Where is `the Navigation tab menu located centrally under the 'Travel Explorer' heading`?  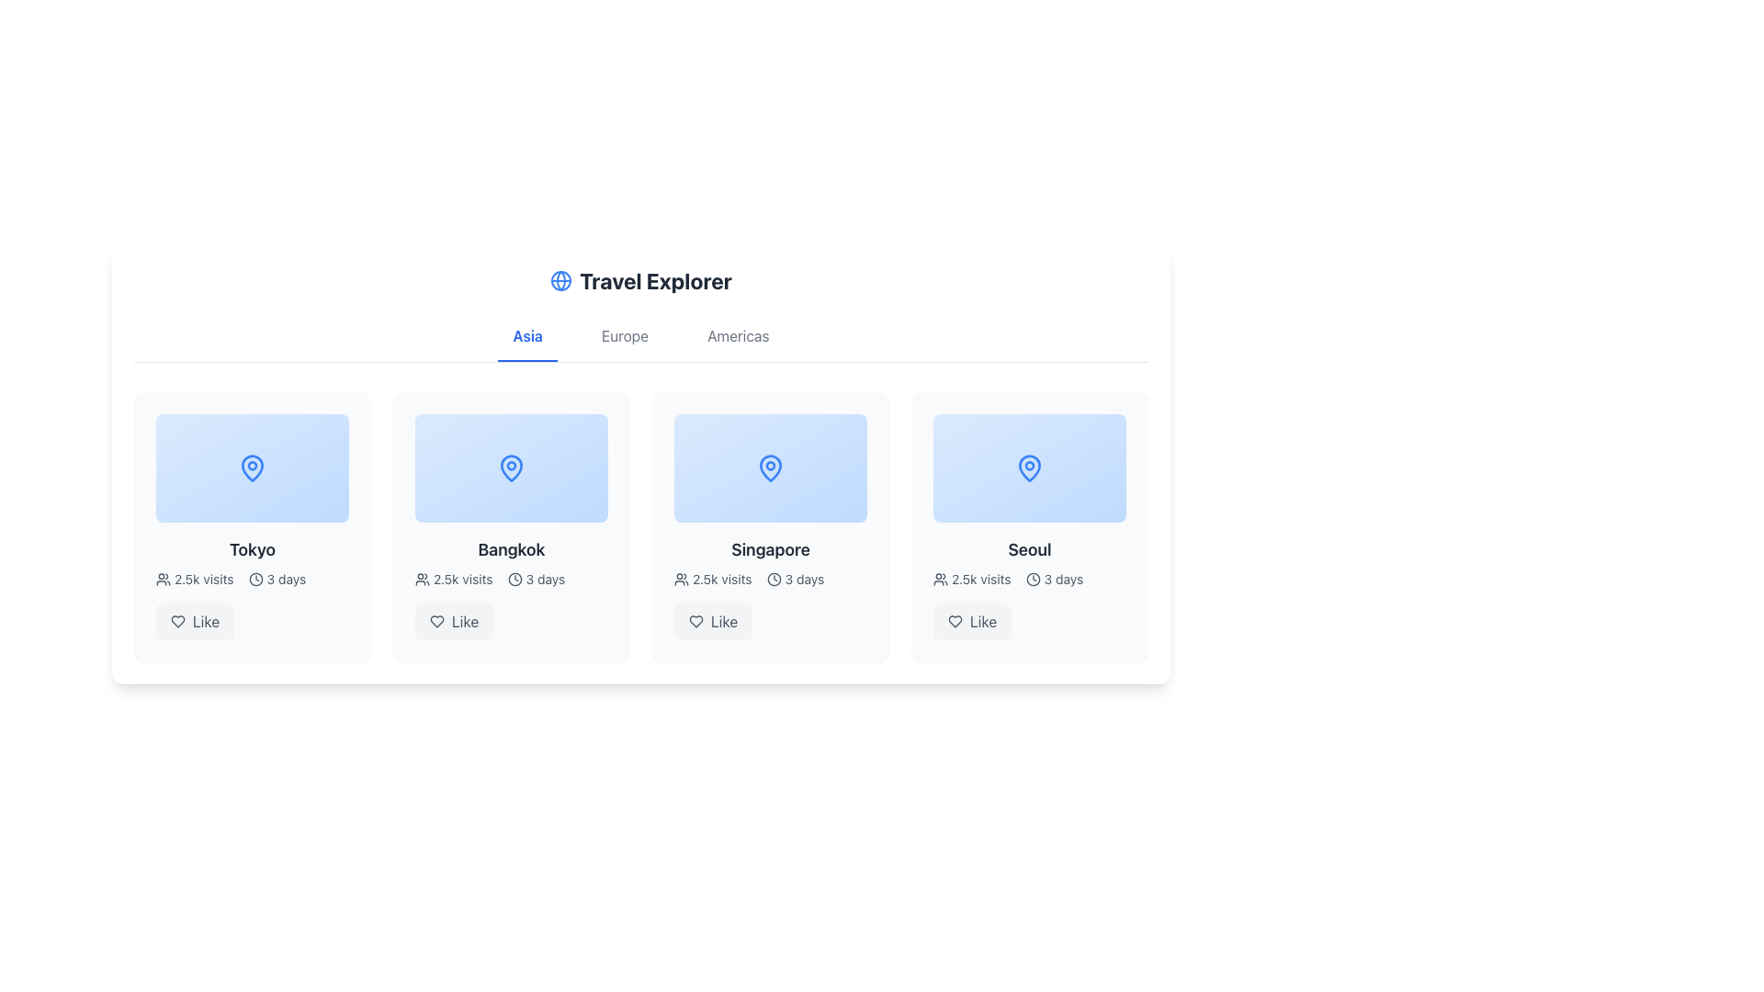
the Navigation tab menu located centrally under the 'Travel Explorer' heading is located at coordinates (640, 344).